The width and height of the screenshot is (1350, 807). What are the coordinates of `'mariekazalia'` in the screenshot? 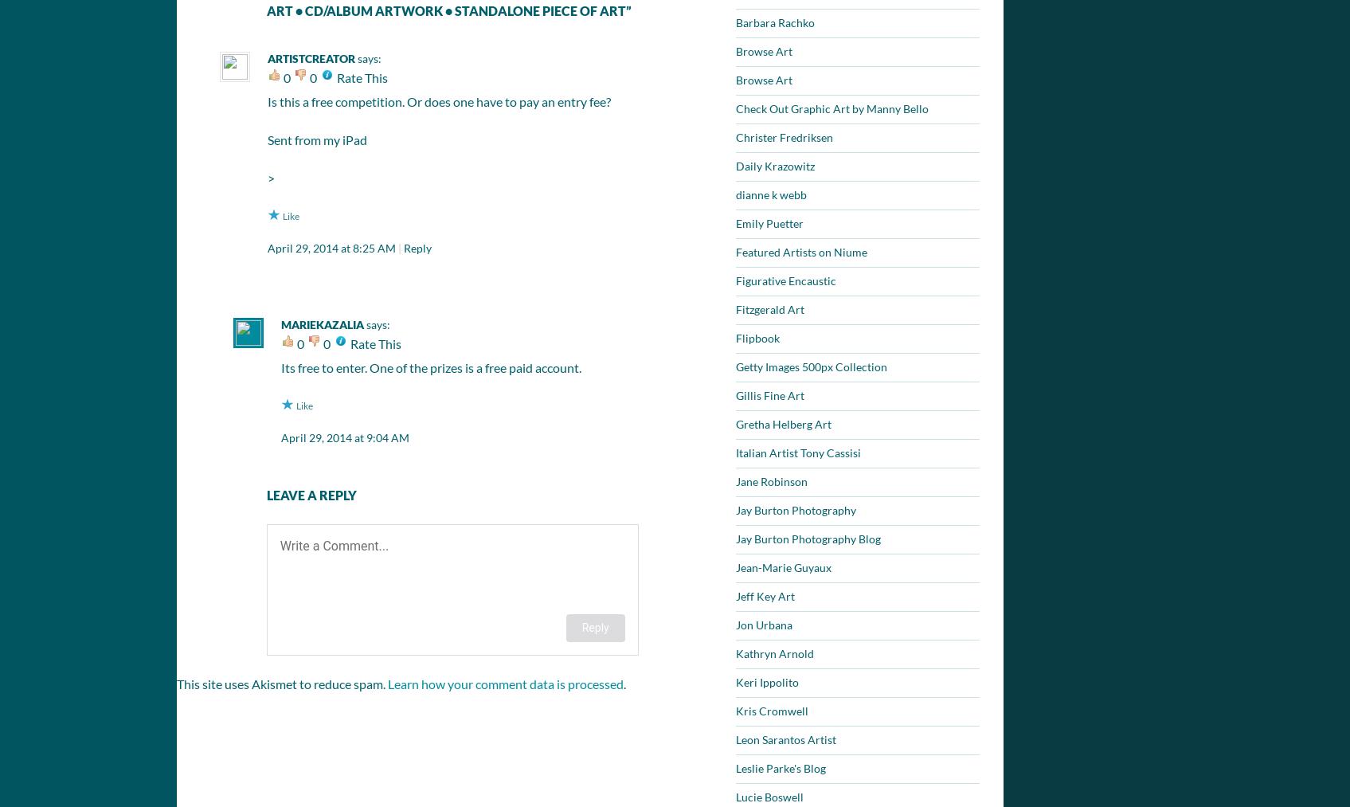 It's located at (322, 323).